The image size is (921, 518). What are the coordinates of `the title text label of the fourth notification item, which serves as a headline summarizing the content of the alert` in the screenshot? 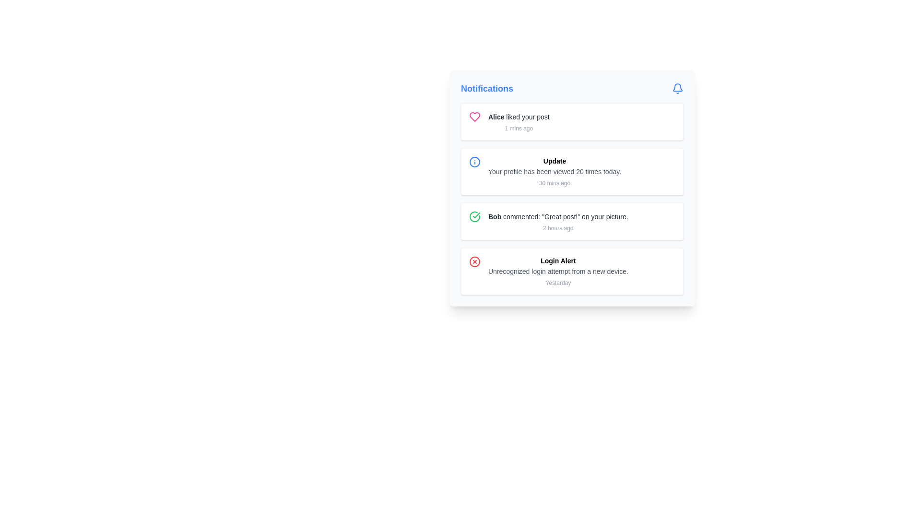 It's located at (558, 260).